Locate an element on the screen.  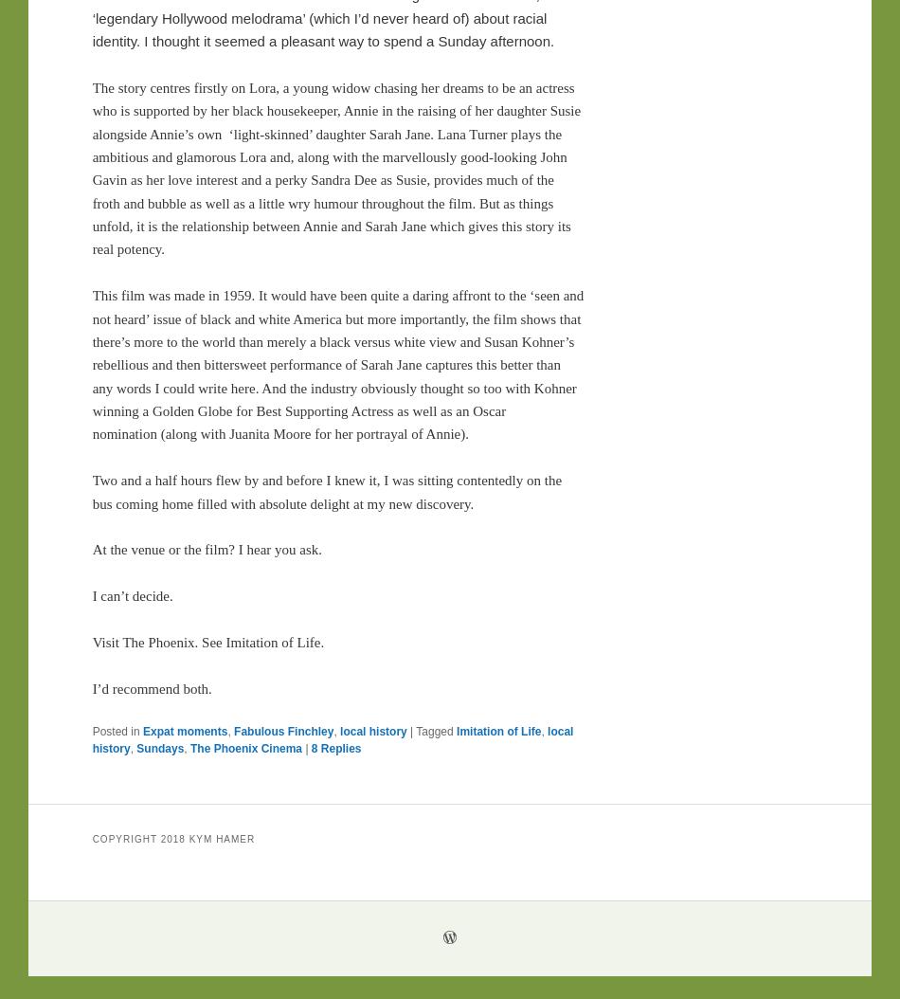
'This film was made in 1959. It would have been quite a daring affront to the ‘seen and not heard’ issue of black and white America but more importantly, the film shows that there’s more to the world than merely a black versus white view and Susan Kohner’s rebellious and then bittersweet performance of Sarah Jane captures this better than any words I could write here. And the industry obviously thought so too with Kohner winning a Golden Globe for Best Supporting Actress as well as an Oscar nomination (along with Juanita Moore for her portrayal of Annie).' is located at coordinates (336, 364).